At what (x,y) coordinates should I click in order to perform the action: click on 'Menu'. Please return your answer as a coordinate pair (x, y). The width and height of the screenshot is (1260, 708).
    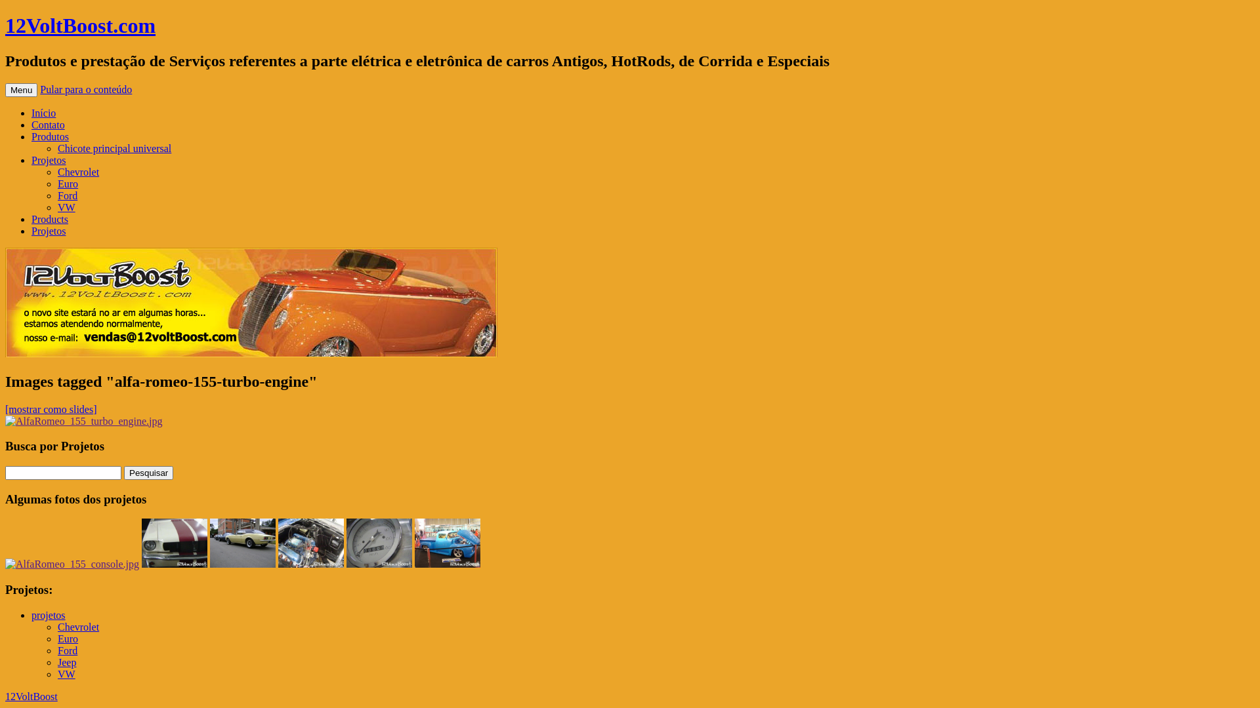
    Looking at the image, I should click on (21, 89).